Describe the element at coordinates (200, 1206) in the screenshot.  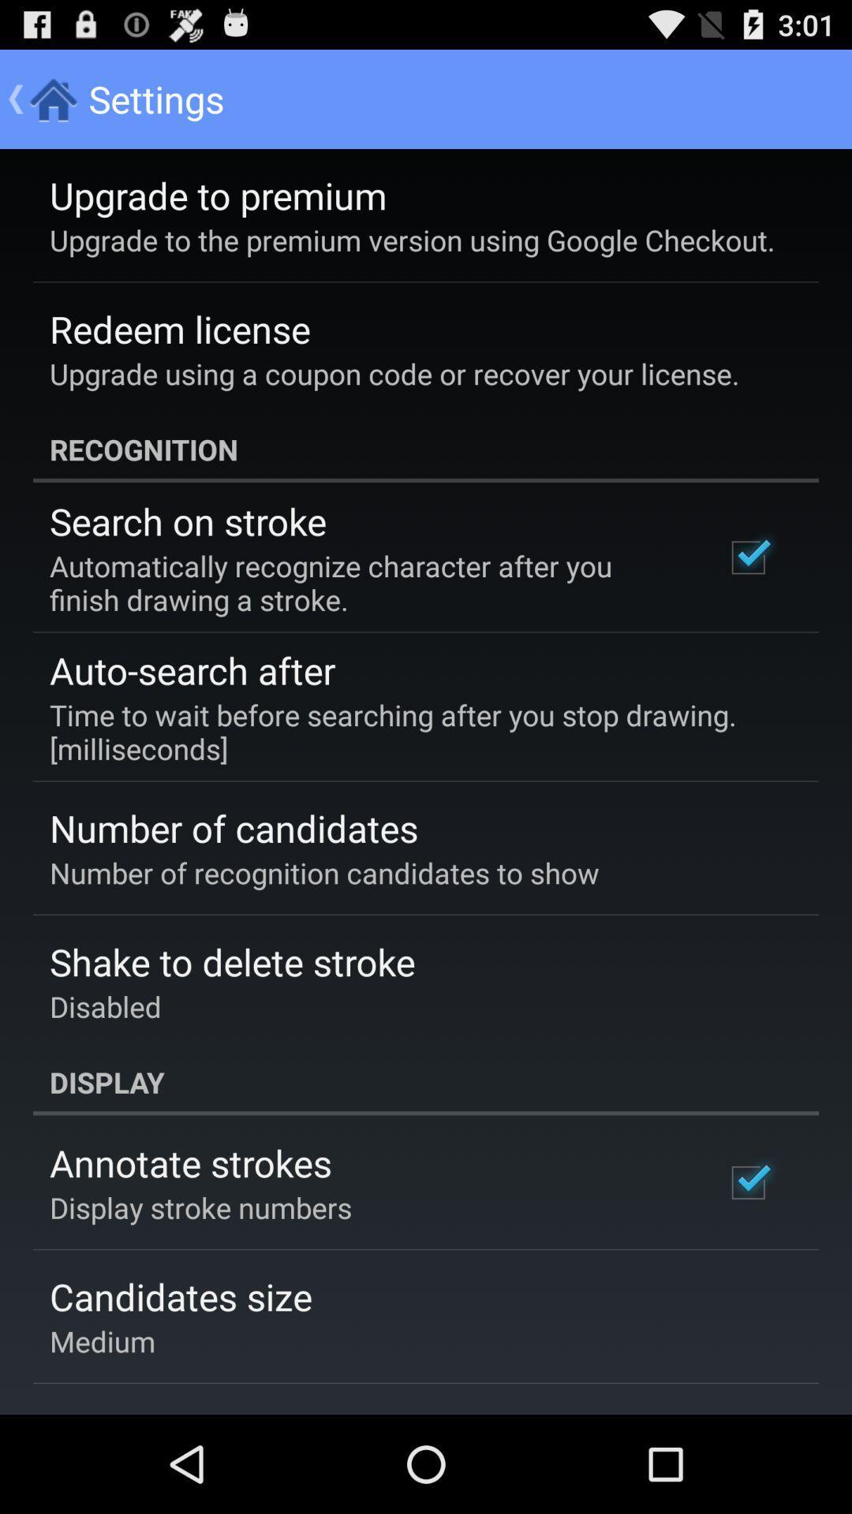
I see `app below the annotate strokes item` at that location.